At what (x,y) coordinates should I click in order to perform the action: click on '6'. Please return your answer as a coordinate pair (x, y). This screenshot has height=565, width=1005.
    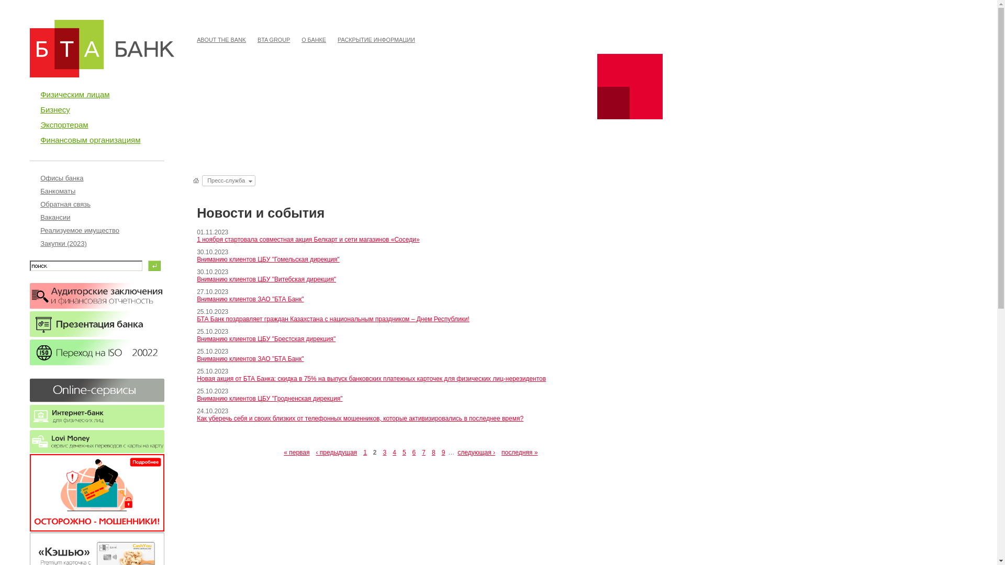
    Looking at the image, I should click on (414, 451).